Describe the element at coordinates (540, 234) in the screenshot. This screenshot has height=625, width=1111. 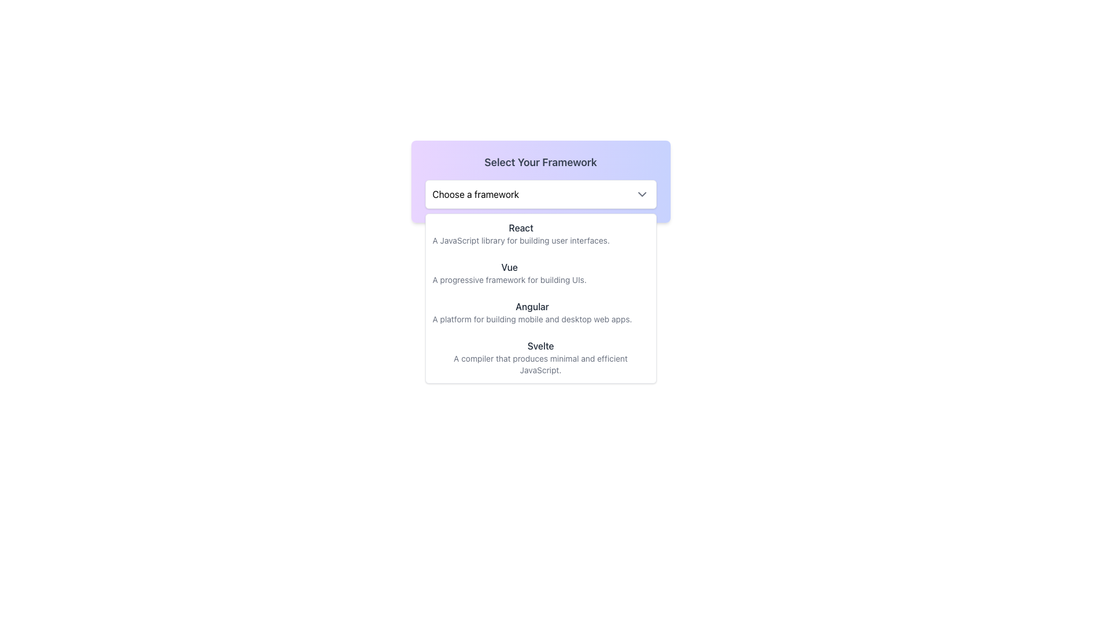
I see `the first list item in the dropdown menu that displays the text 'React' and its description` at that location.